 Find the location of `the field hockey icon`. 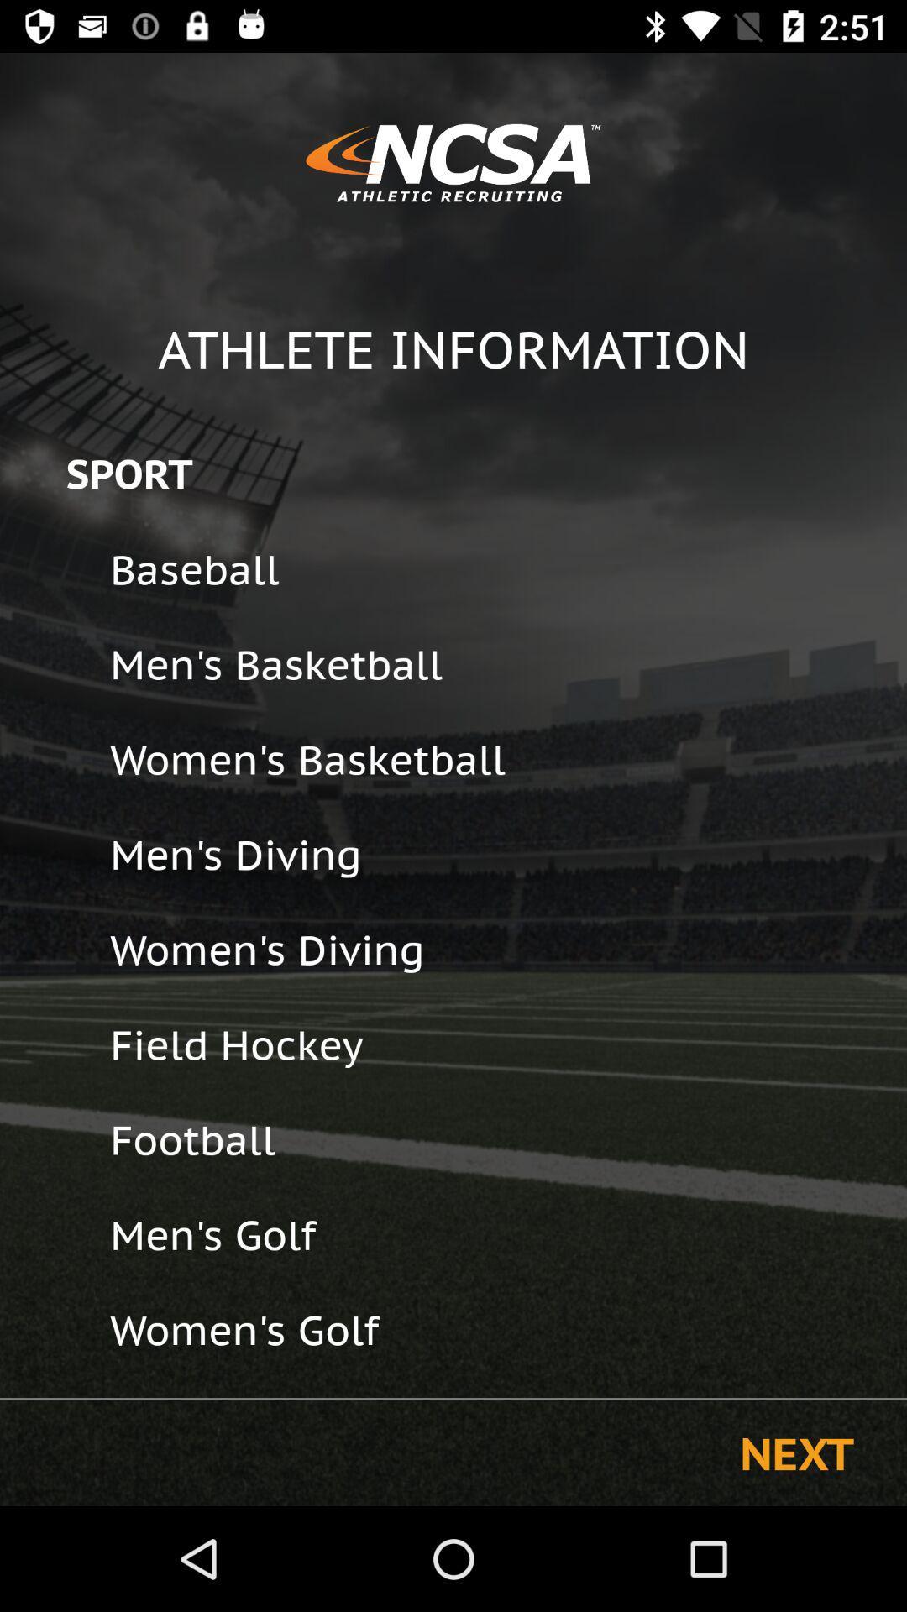

the field hockey icon is located at coordinates (496, 1044).